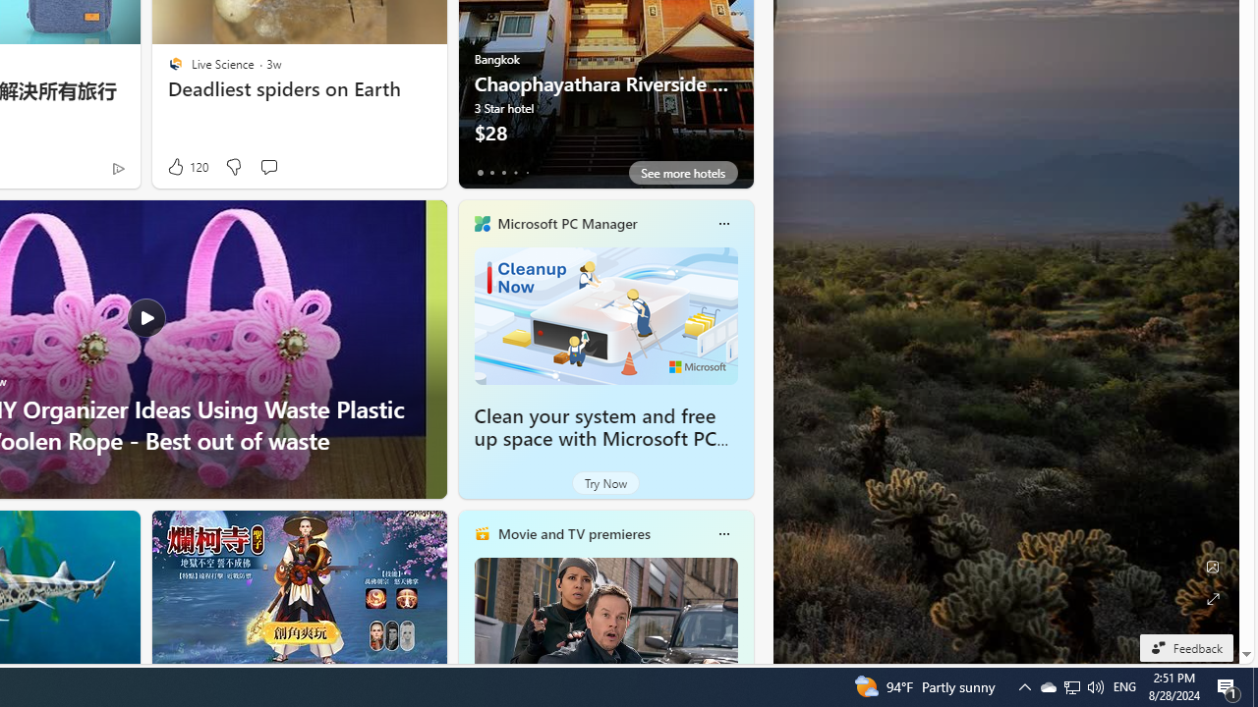 The height and width of the screenshot is (707, 1258). Describe the element at coordinates (117, 167) in the screenshot. I see `'Ad Choice'` at that location.